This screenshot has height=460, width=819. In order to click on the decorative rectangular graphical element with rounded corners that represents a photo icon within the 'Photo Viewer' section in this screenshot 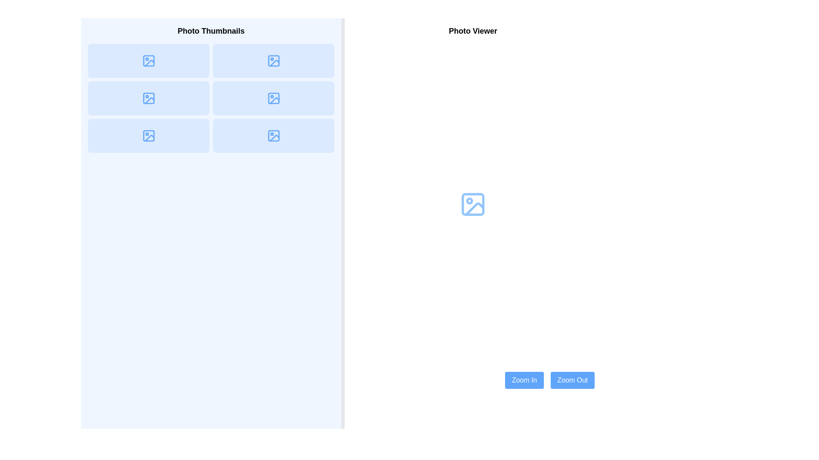, I will do `click(472, 204)`.